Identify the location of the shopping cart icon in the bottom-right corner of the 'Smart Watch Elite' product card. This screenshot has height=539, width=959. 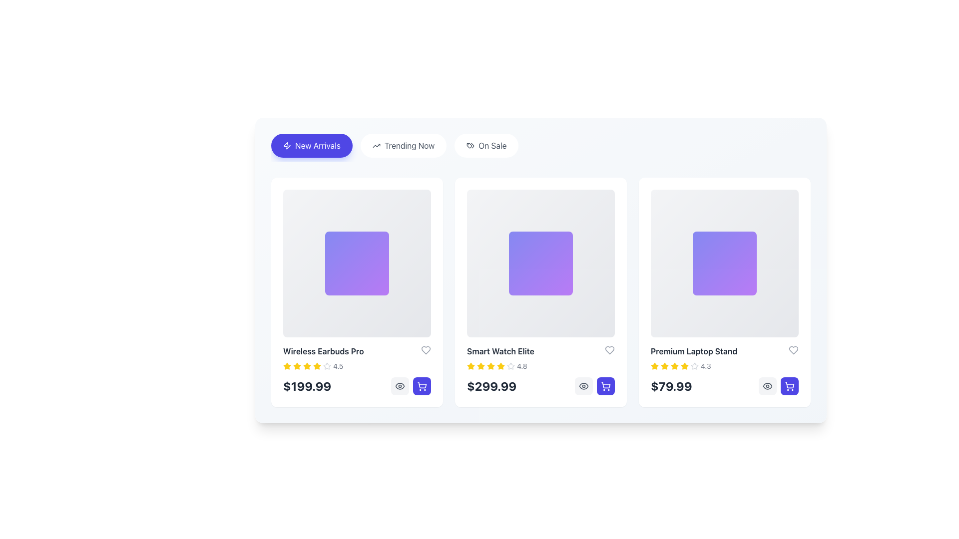
(594, 386).